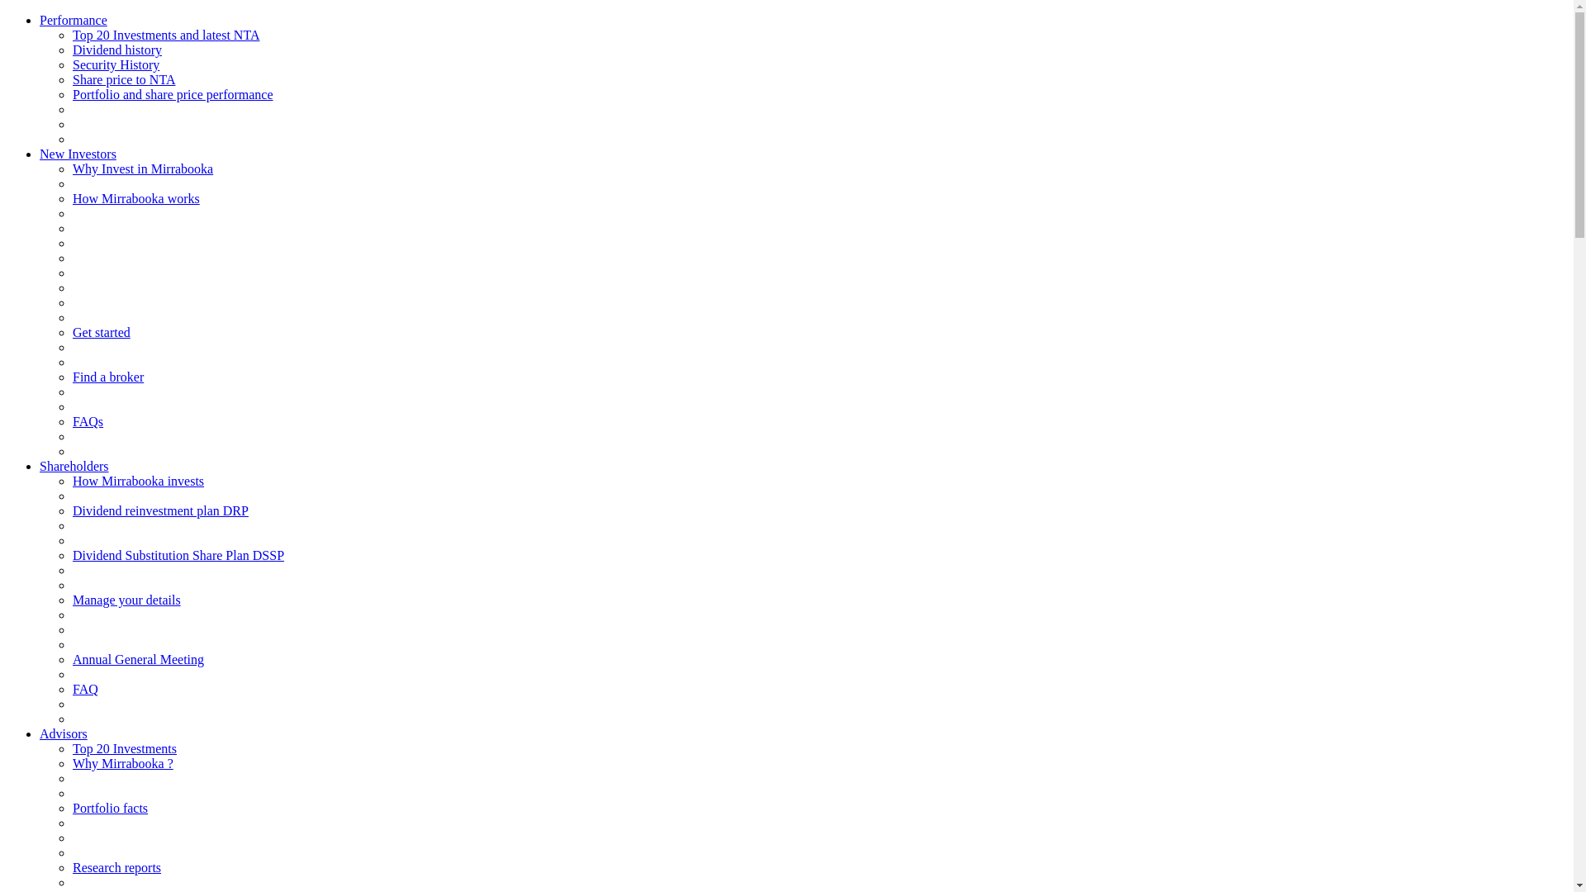 This screenshot has height=892, width=1586. Describe the element at coordinates (135, 197) in the screenshot. I see `'How Mirrabooka works'` at that location.